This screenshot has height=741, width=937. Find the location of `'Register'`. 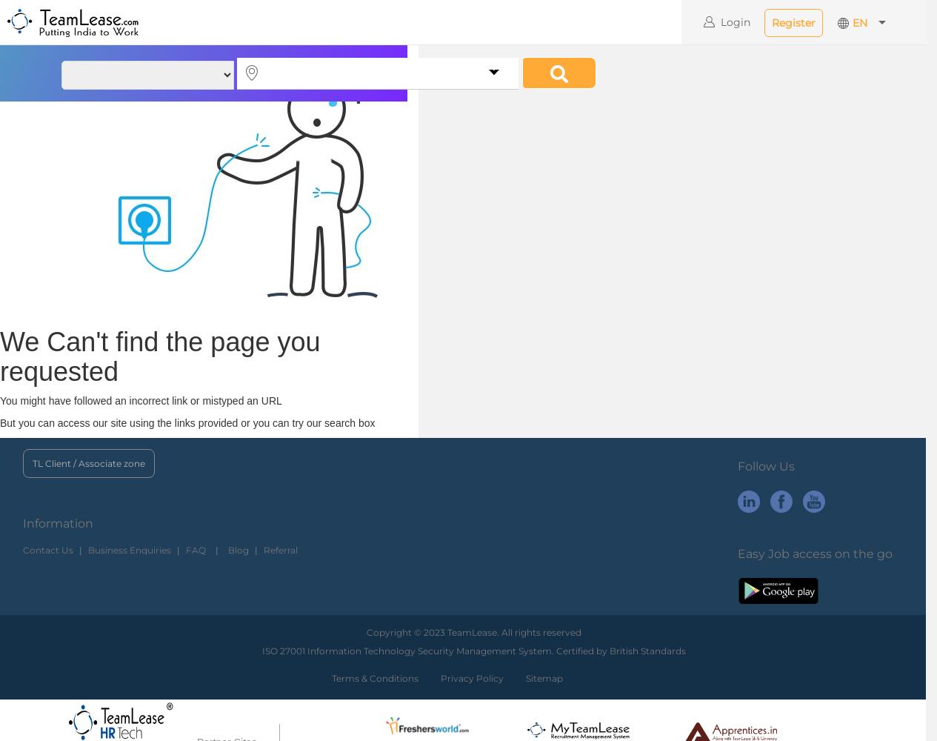

'Register' is located at coordinates (793, 23).